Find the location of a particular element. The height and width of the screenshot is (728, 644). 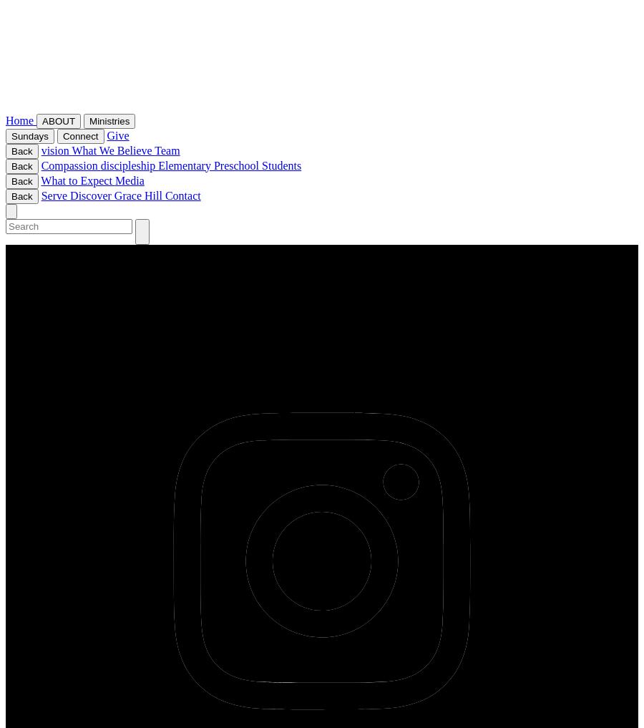

'What to Expect' is located at coordinates (77, 179).